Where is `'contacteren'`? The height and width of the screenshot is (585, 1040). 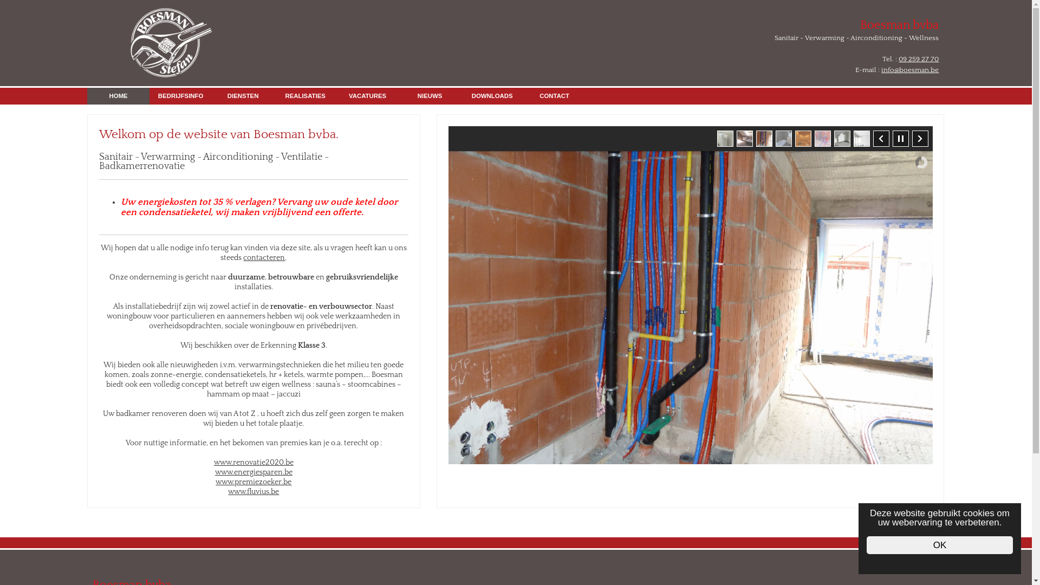
'contacteren' is located at coordinates (264, 257).